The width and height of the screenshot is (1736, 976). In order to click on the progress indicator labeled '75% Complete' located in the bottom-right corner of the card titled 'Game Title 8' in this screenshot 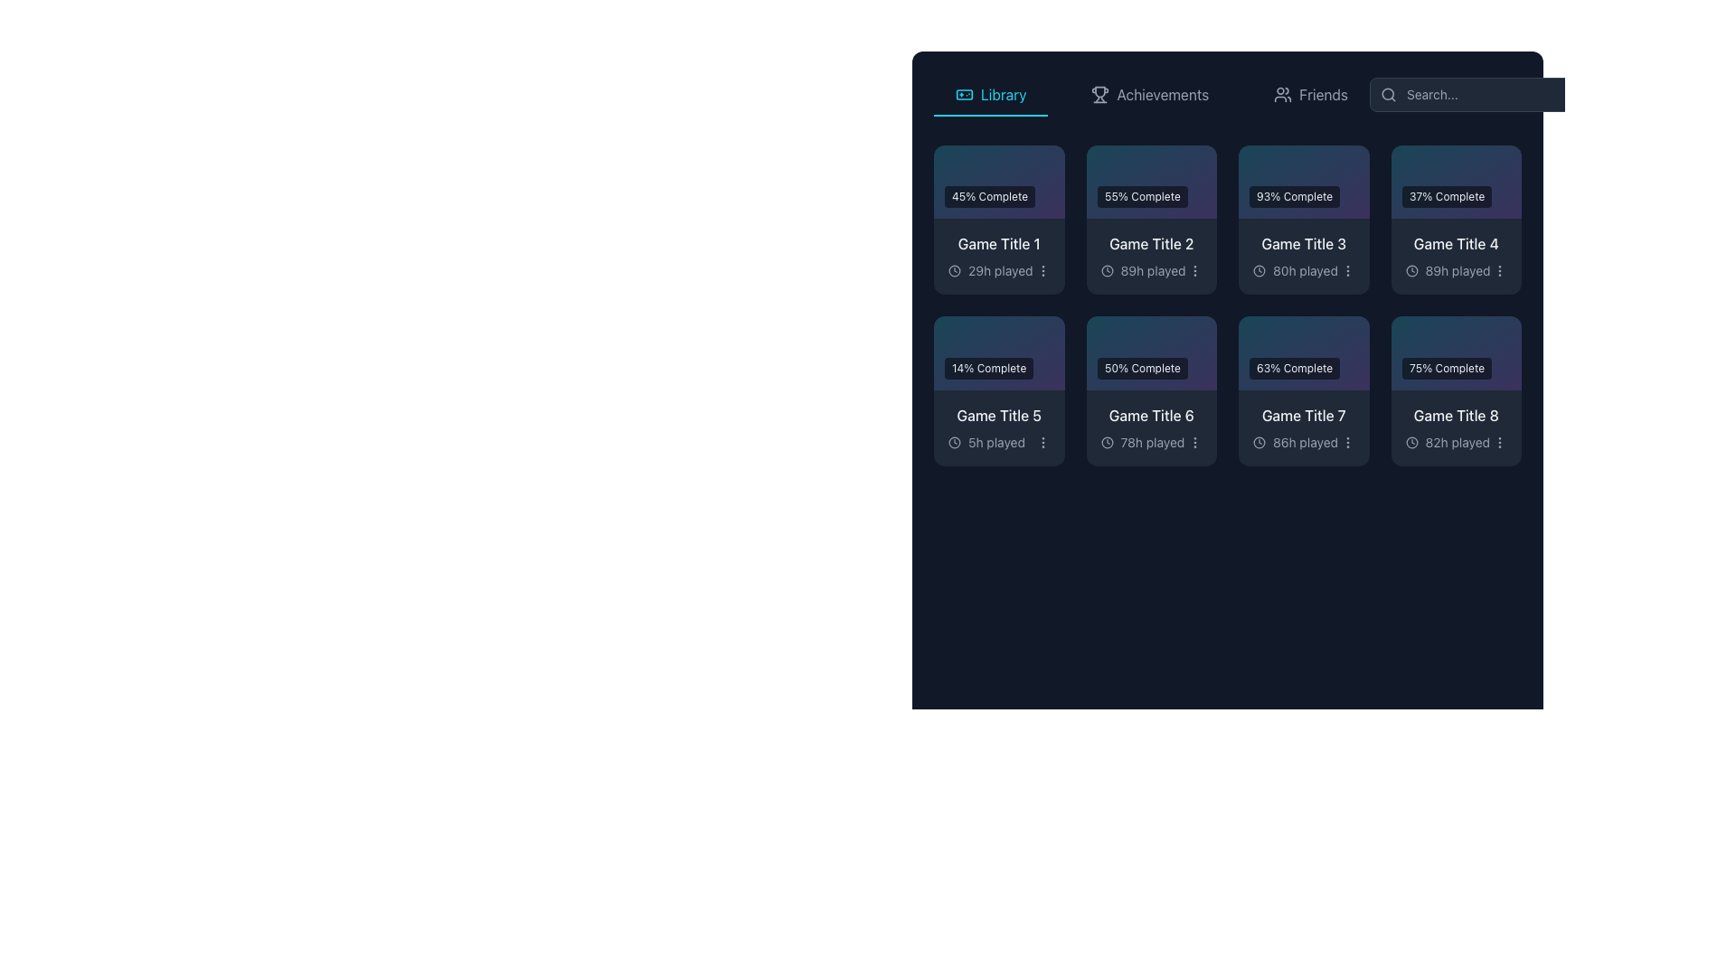, I will do `click(1456, 352)`.